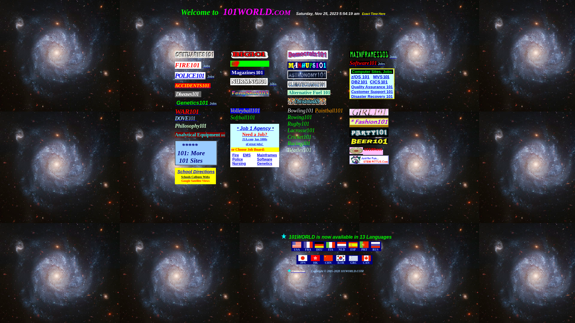 The width and height of the screenshot is (575, 323). What do you see at coordinates (245, 111) in the screenshot?
I see `'Volleyball101'` at bounding box center [245, 111].